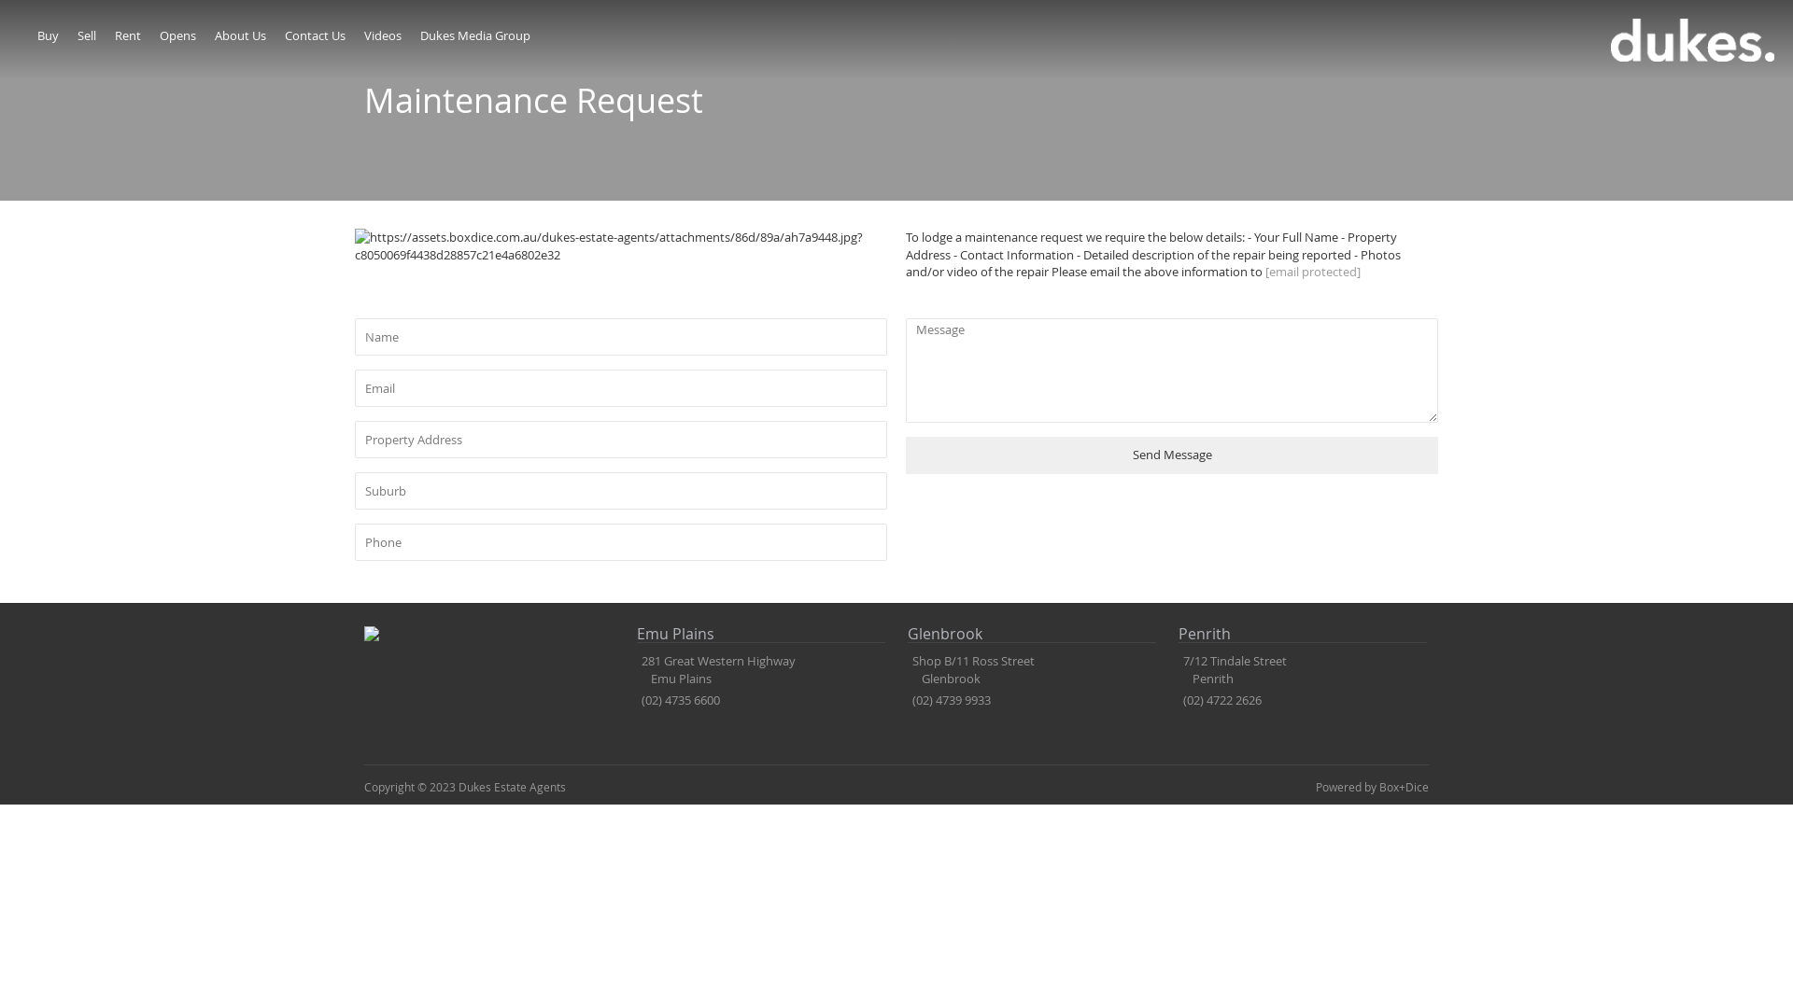 Image resolution: width=1793 pixels, height=1008 pixels. I want to click on '(02) 4735 6600', so click(680, 699).